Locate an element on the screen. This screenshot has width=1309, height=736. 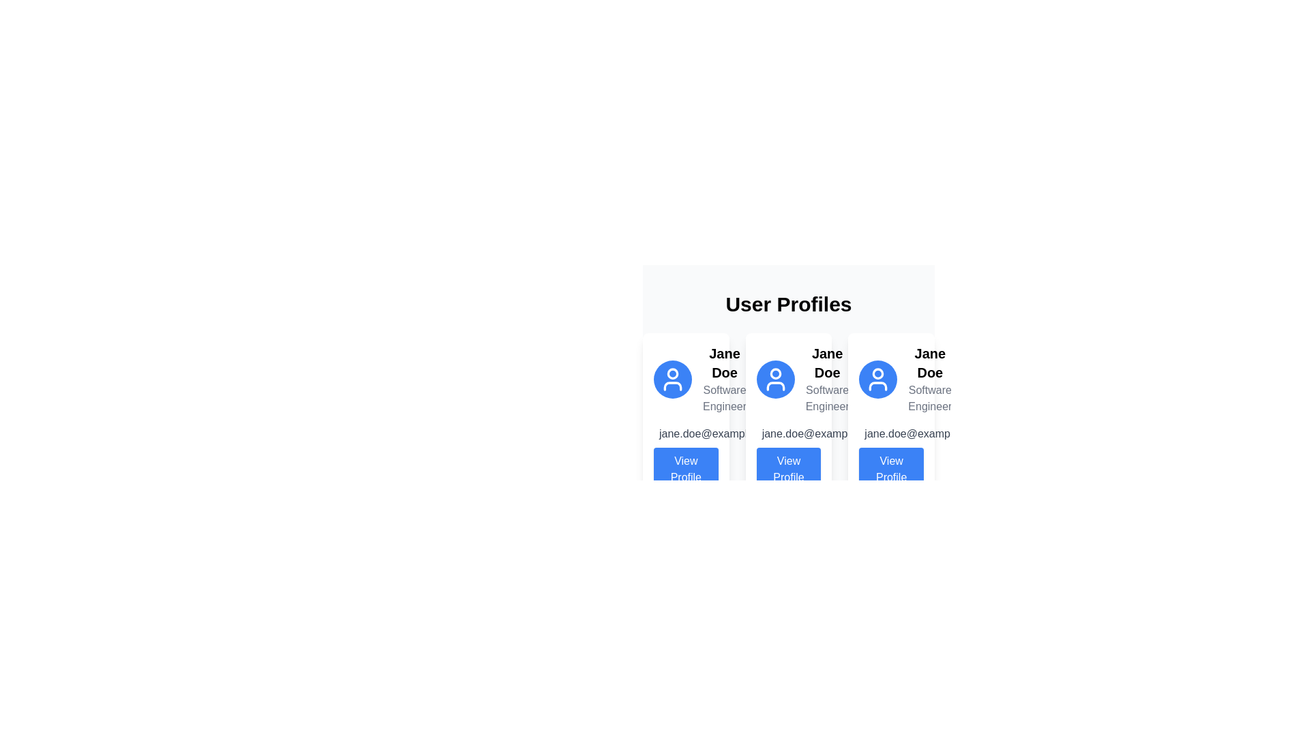
user's details from the user profile card, which is the second card in the first row of the grid layout is located at coordinates (788, 364).